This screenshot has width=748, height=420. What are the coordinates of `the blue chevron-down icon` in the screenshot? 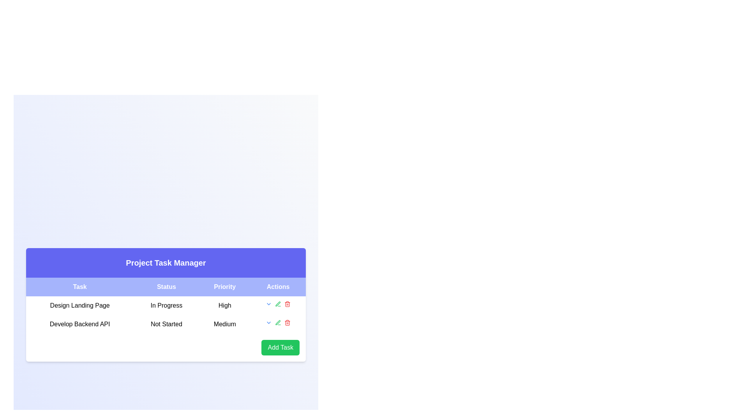 It's located at (269, 304).